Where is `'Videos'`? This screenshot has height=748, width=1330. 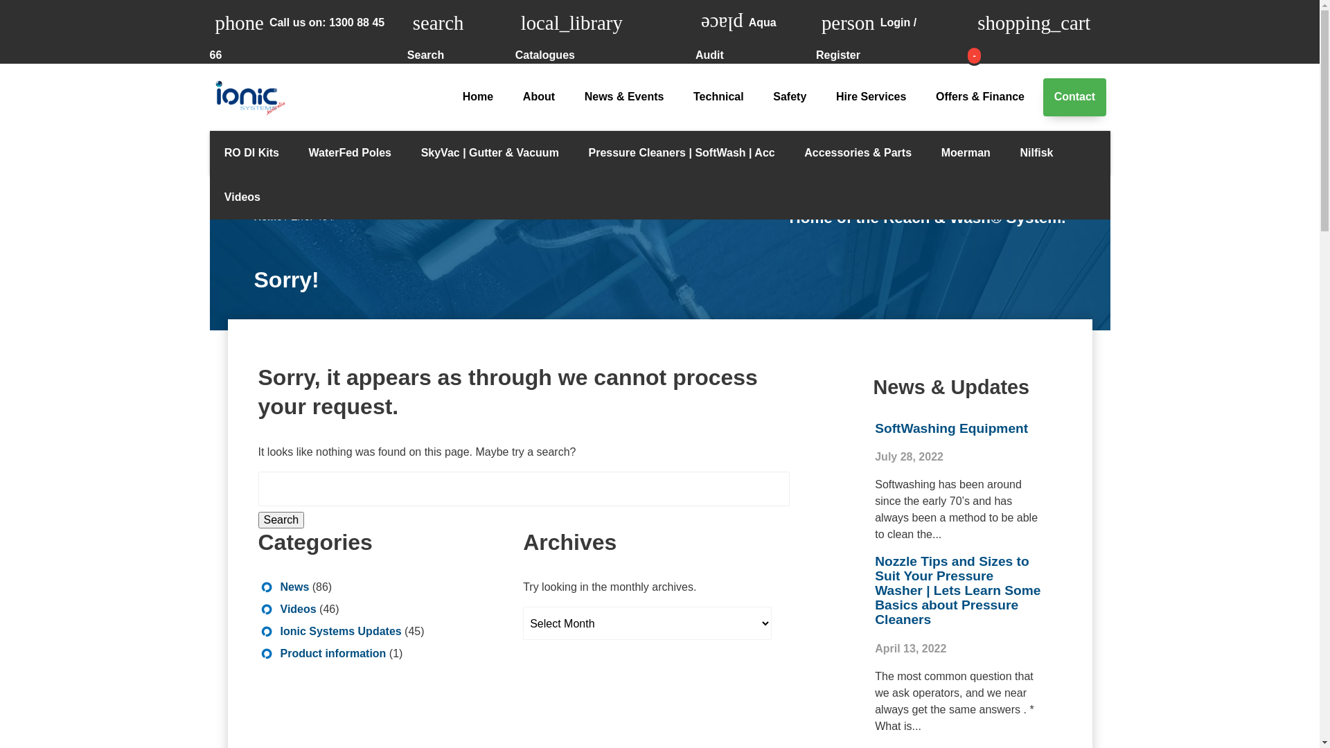 'Videos' is located at coordinates (297, 608).